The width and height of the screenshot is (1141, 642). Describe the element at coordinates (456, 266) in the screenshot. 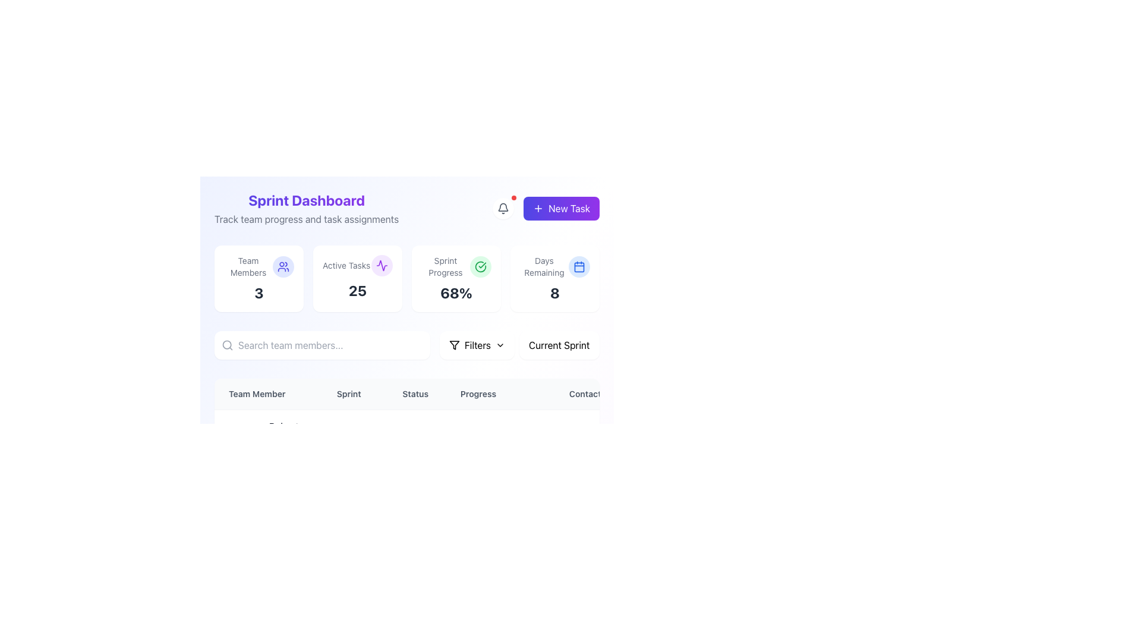

I see `the 'Sprint Progress' label with a green checkmark icon, located in the upper part of the progress statistics card` at that location.